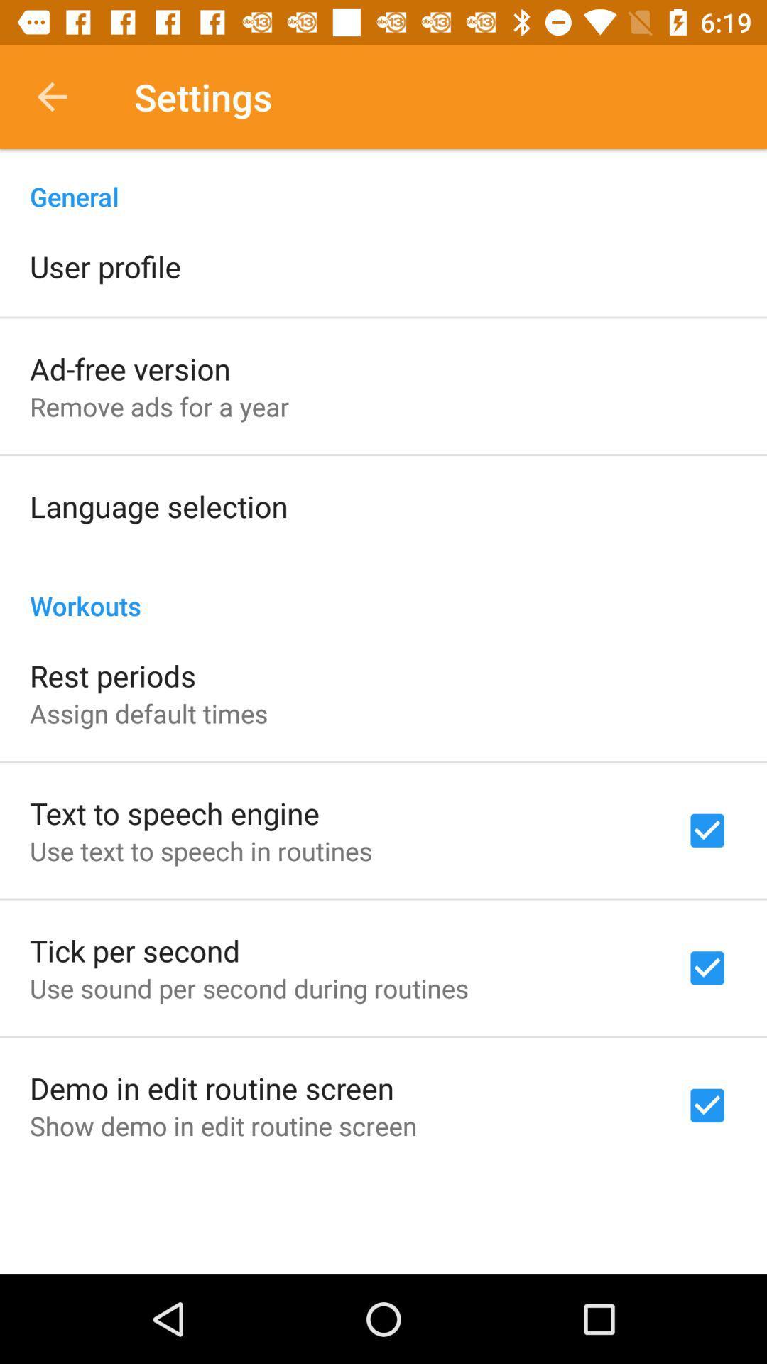 The width and height of the screenshot is (767, 1364). Describe the element at coordinates (148, 713) in the screenshot. I see `the item above the text to speech icon` at that location.